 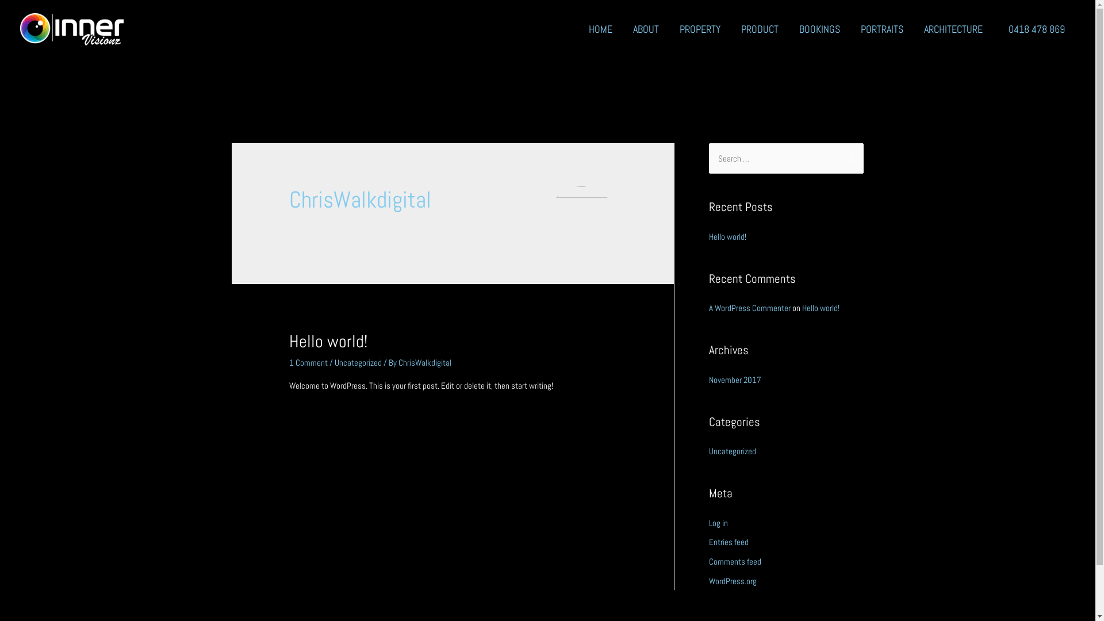 I want to click on 'ABOUT', so click(x=646, y=28).